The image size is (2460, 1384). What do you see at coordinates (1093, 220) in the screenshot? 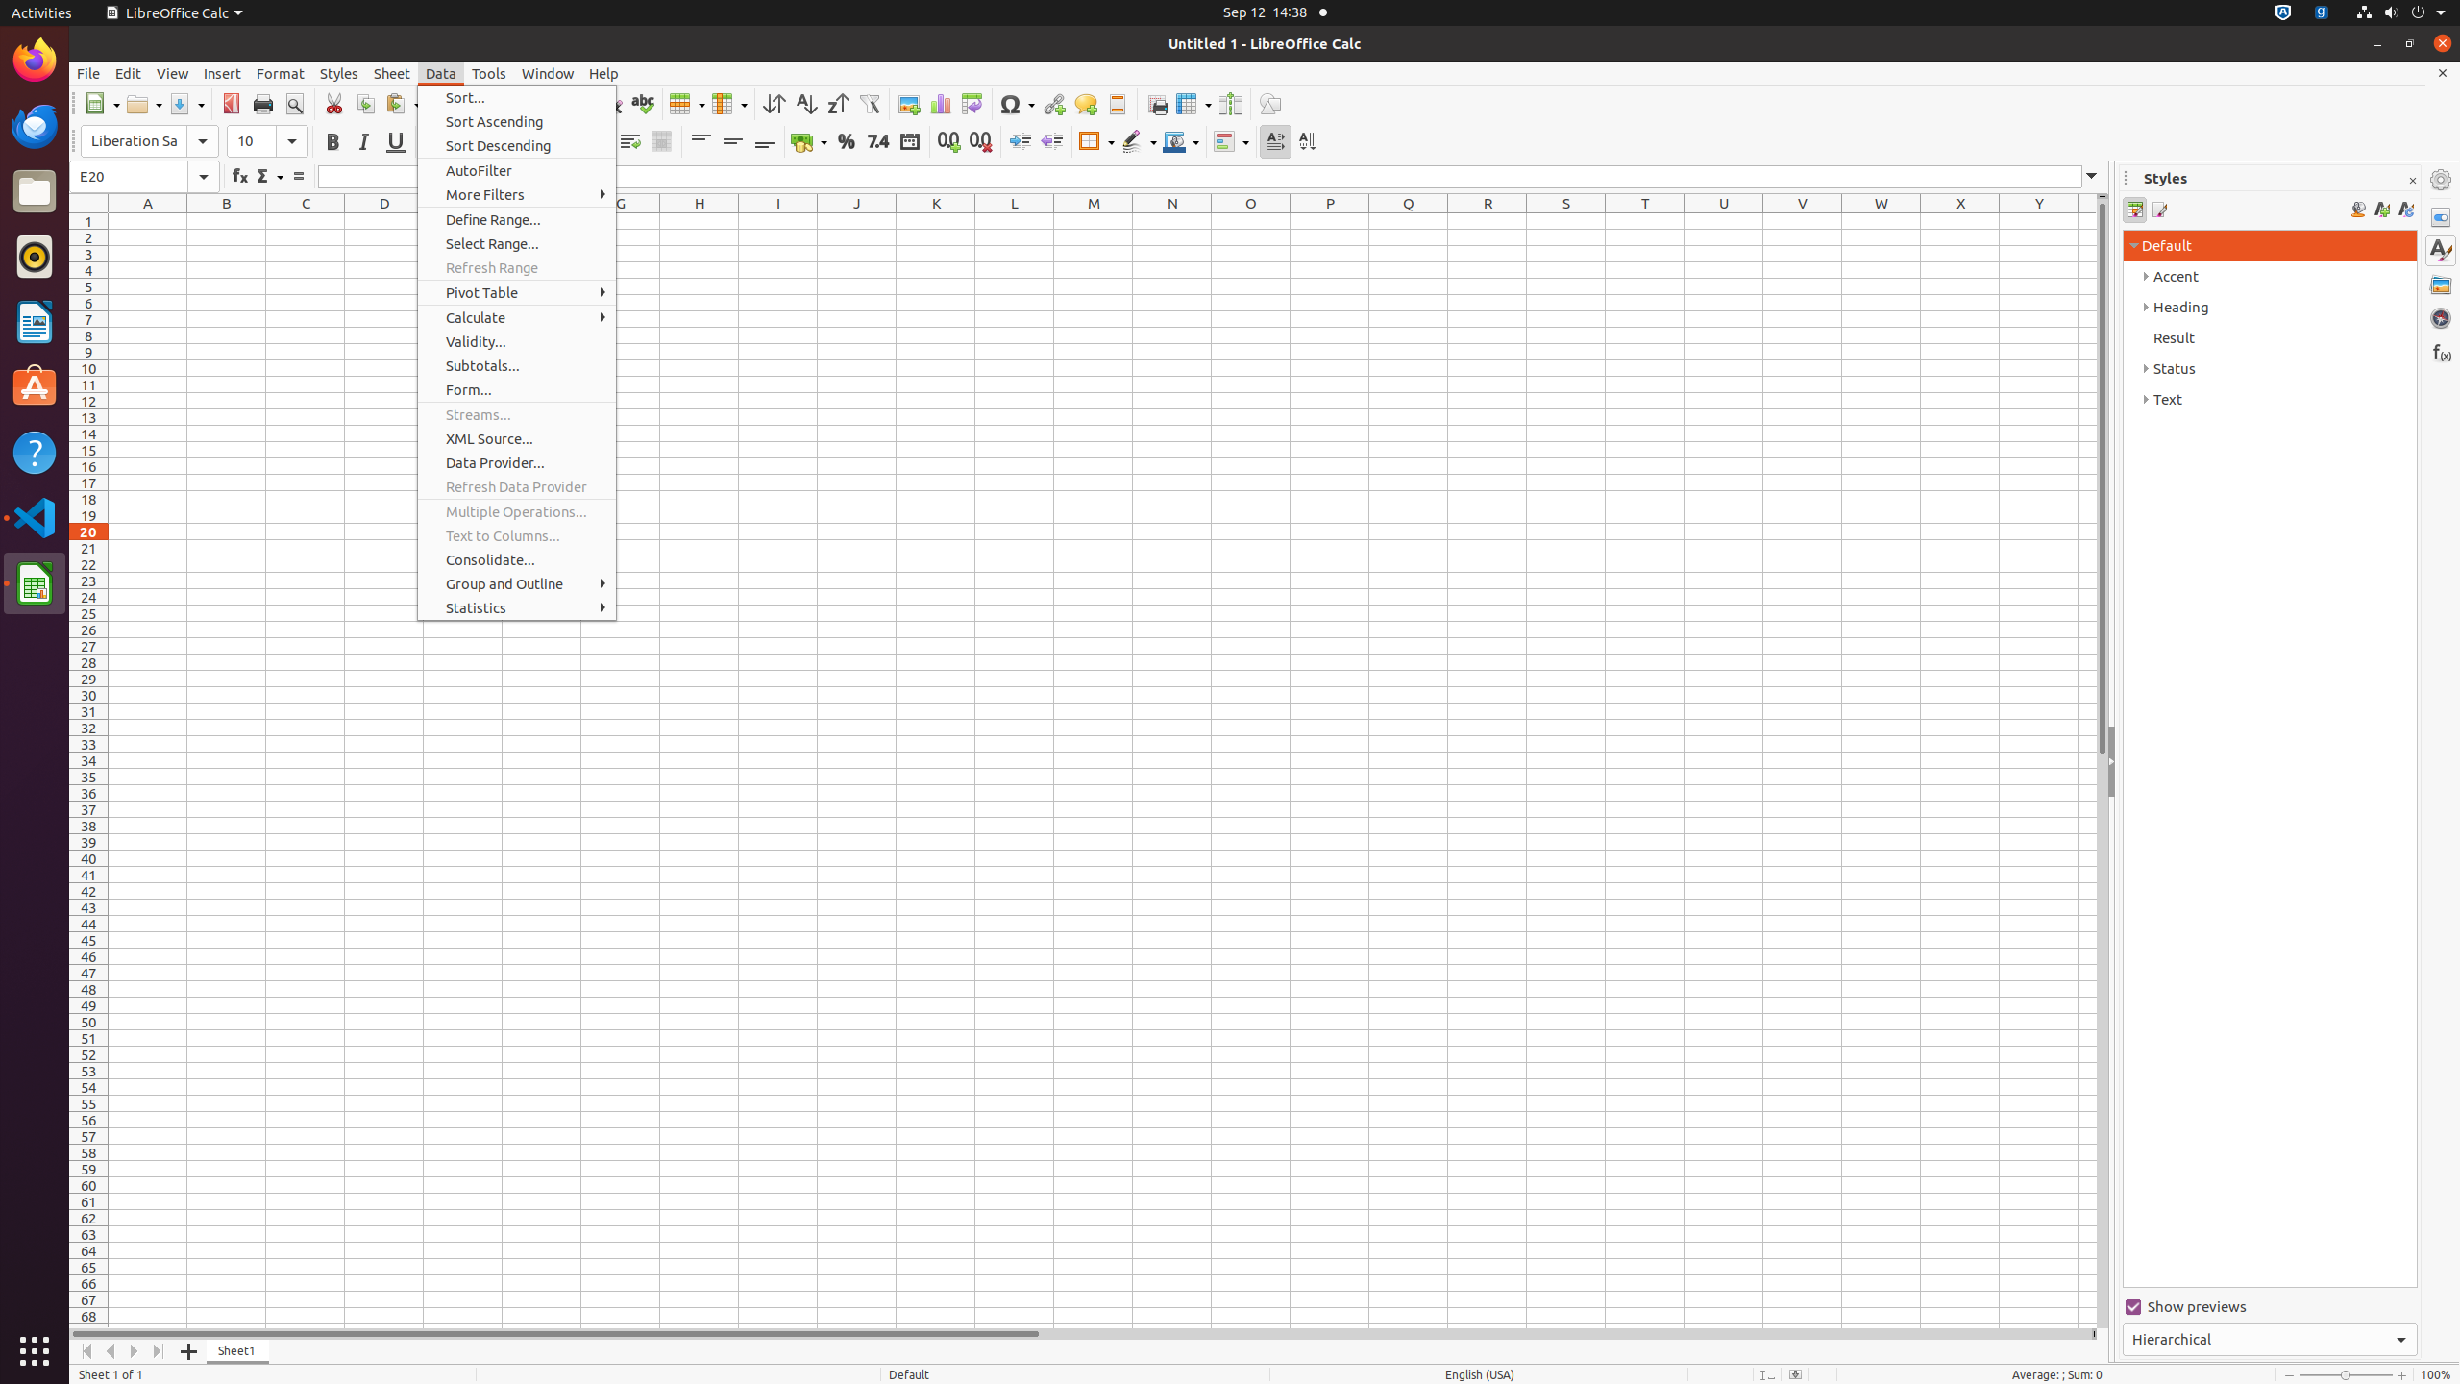
I see `'M1'` at bounding box center [1093, 220].